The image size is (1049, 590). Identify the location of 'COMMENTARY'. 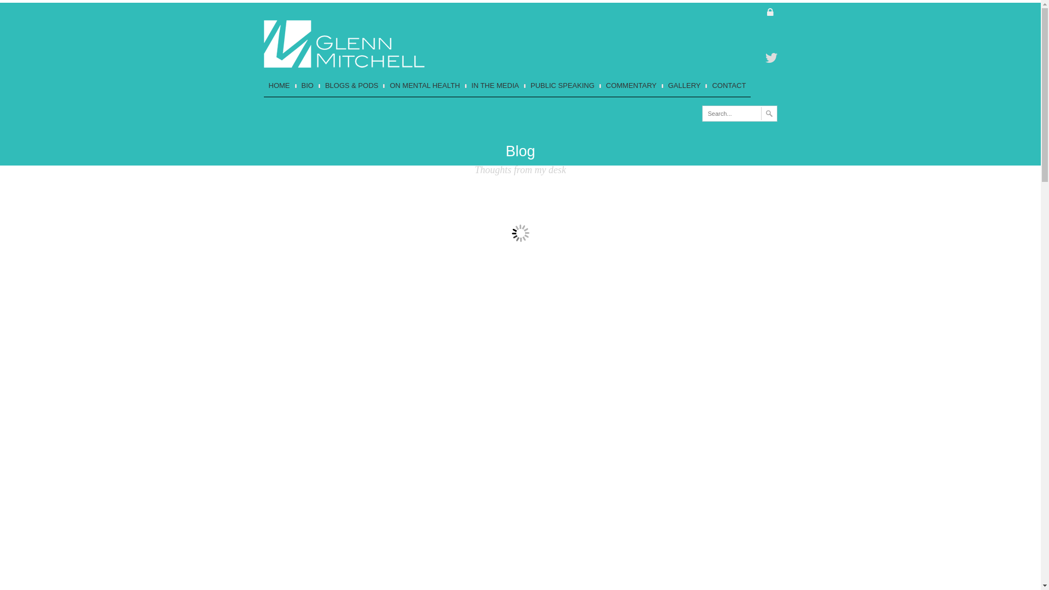
(599, 85).